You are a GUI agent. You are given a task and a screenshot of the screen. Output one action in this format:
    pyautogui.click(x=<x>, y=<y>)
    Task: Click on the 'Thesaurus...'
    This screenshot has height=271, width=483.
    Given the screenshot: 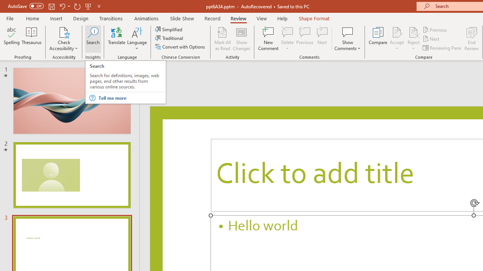 What is the action you would take?
    pyautogui.click(x=31, y=39)
    